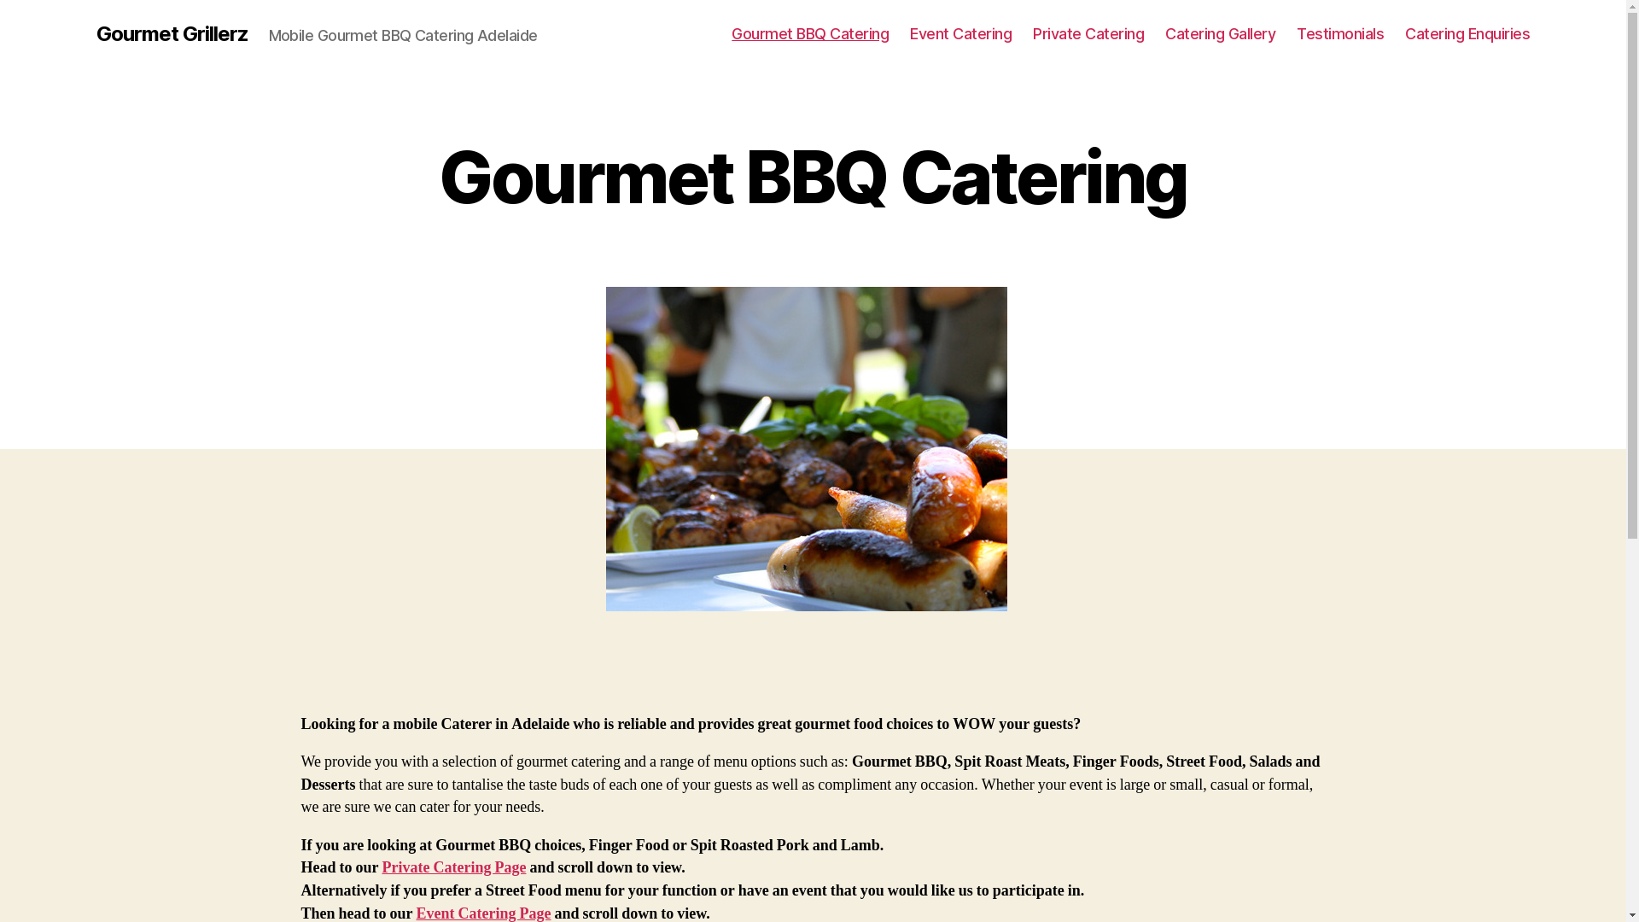 Image resolution: width=1639 pixels, height=922 pixels. What do you see at coordinates (1466, 33) in the screenshot?
I see `'Catering Enquiries'` at bounding box center [1466, 33].